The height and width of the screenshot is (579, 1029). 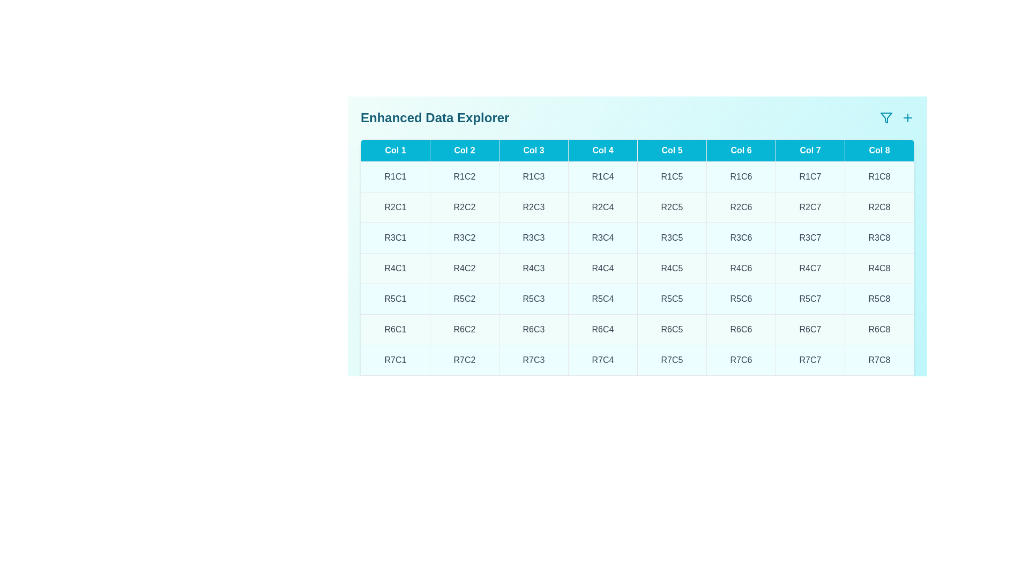 I want to click on the plus icon to add new data, so click(x=907, y=117).